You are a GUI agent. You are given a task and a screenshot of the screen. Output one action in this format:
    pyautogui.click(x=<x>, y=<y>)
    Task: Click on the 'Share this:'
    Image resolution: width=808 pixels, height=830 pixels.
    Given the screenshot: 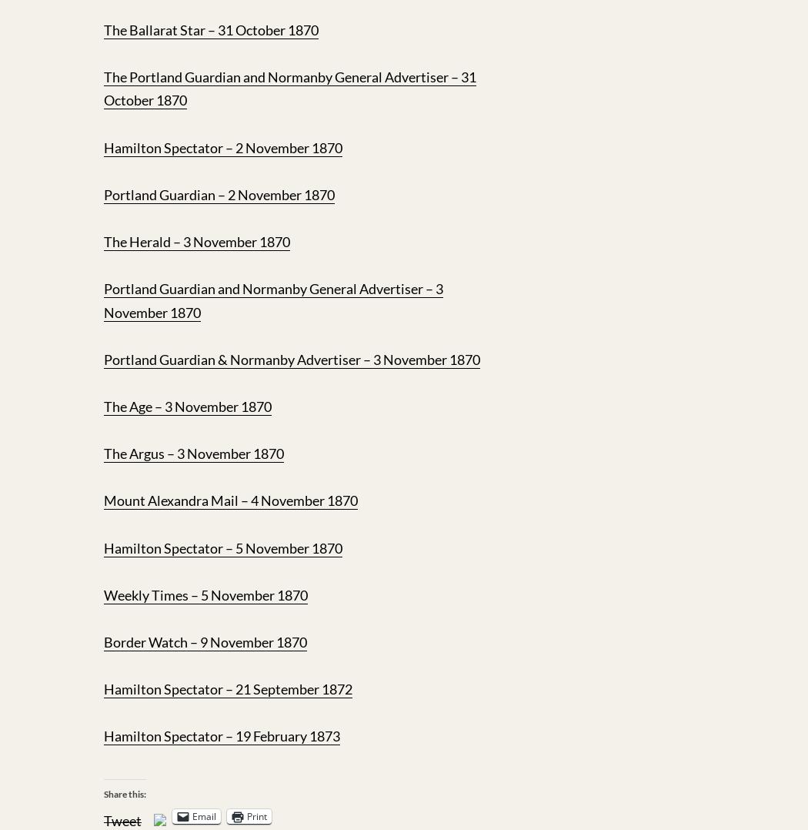 What is the action you would take?
    pyautogui.click(x=103, y=792)
    